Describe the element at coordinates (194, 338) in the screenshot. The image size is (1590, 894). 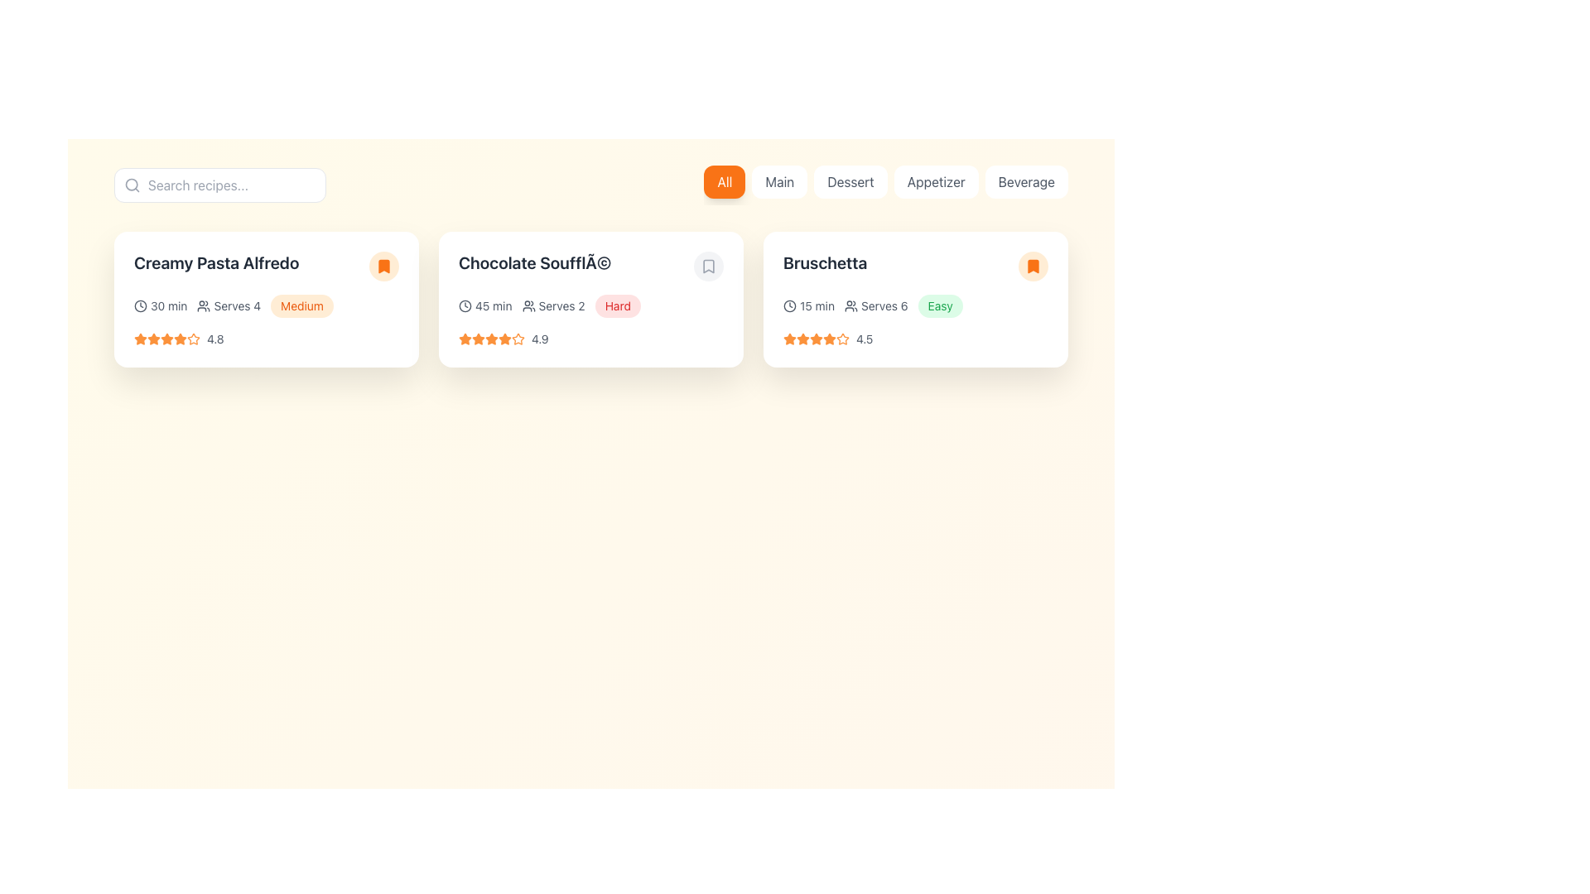
I see `the fifth star icon in the rating scale for 'Creamy Pasta Alfredo'` at that location.